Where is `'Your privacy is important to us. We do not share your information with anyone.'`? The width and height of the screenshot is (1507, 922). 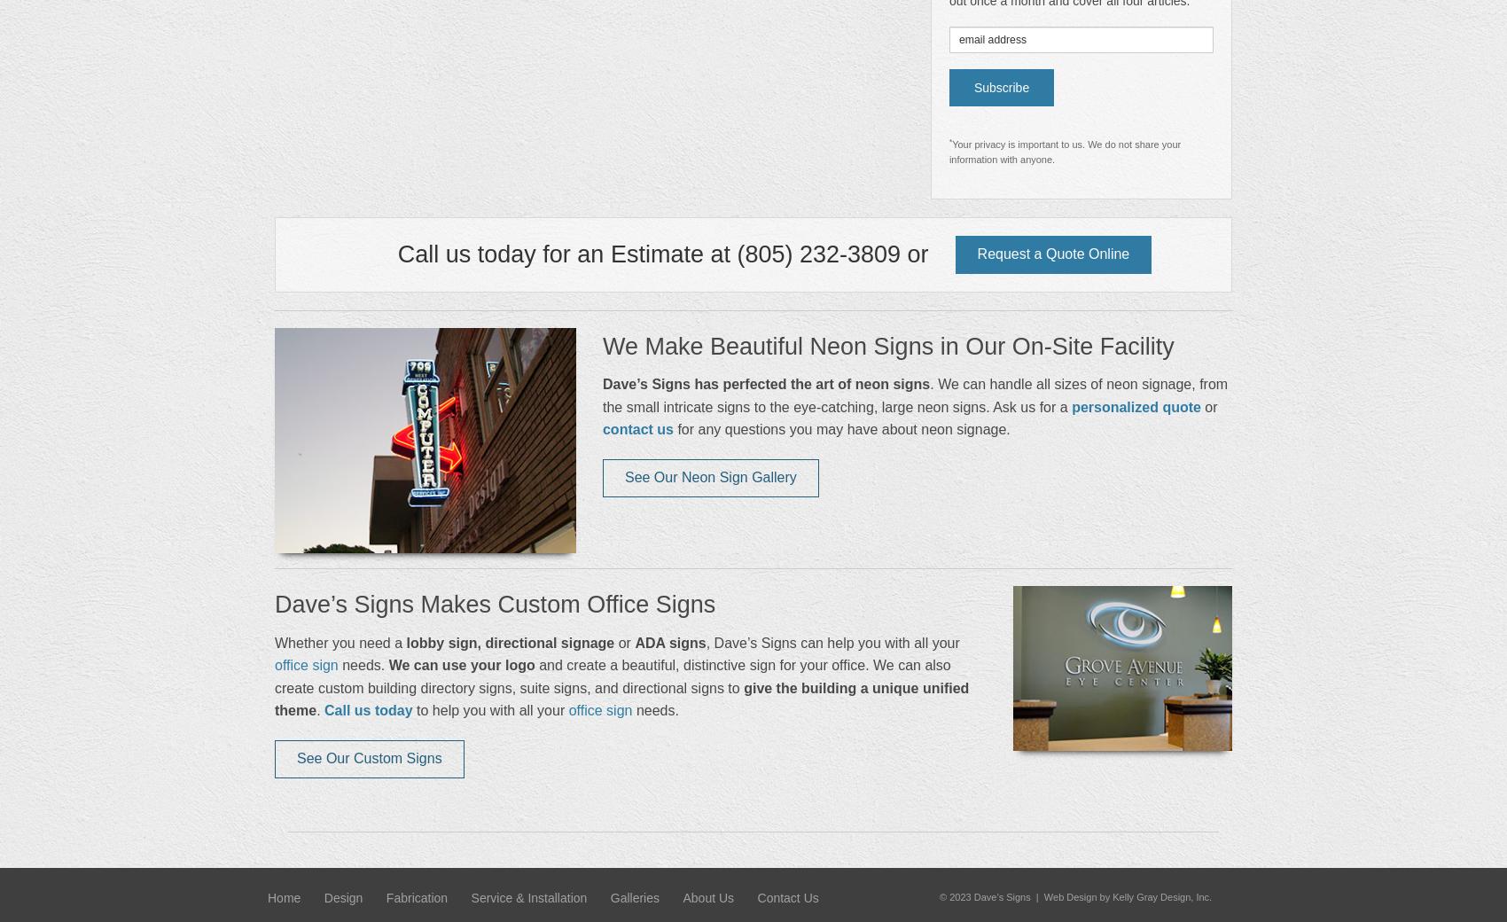 'Your privacy is important to us. We do not share your information with anyone.' is located at coordinates (1064, 151).